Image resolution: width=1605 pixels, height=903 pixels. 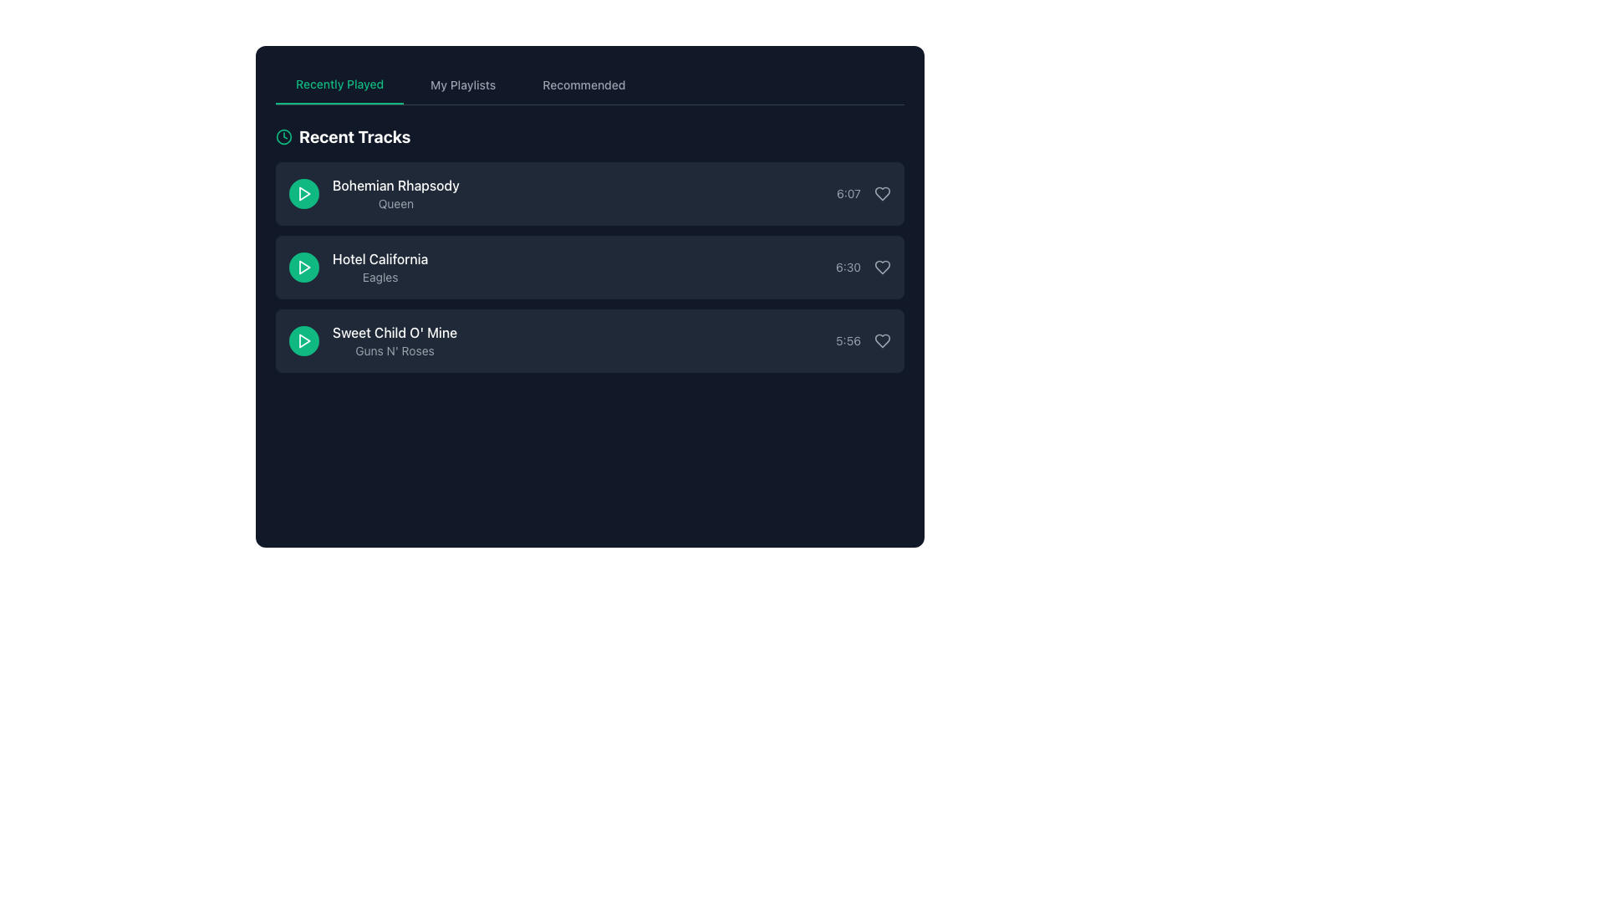 What do you see at coordinates (304, 267) in the screenshot?
I see `the play button located in the second-row item of the vertical track list` at bounding box center [304, 267].